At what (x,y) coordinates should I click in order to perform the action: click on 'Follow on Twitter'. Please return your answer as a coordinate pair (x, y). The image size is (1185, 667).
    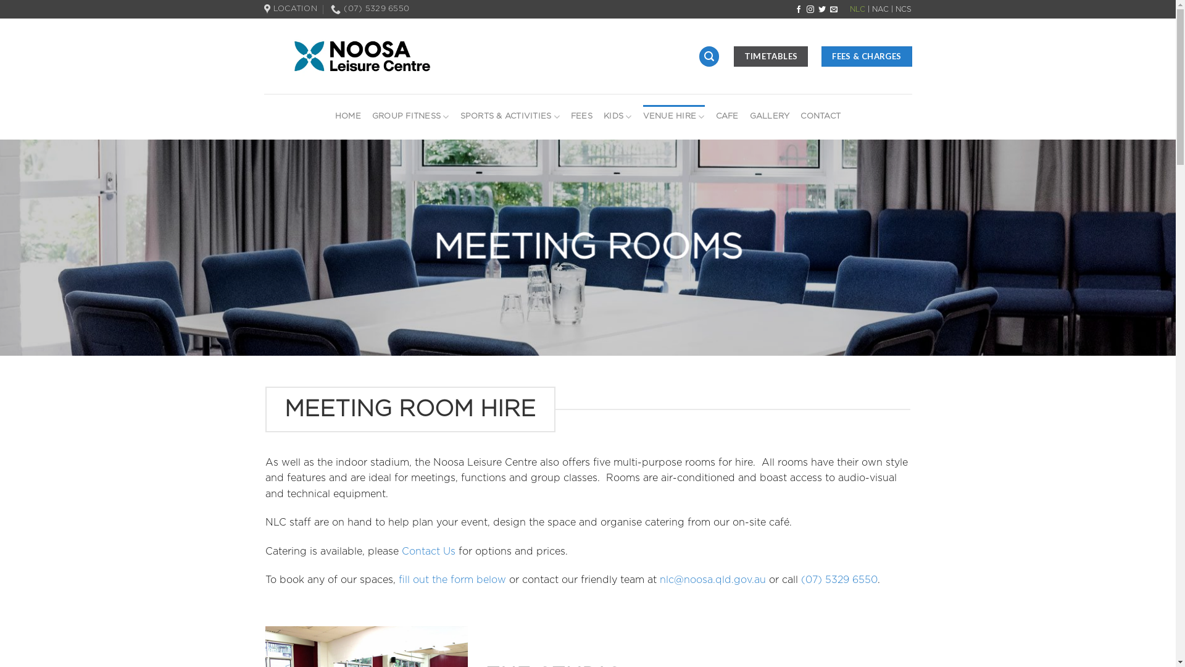
    Looking at the image, I should click on (822, 9).